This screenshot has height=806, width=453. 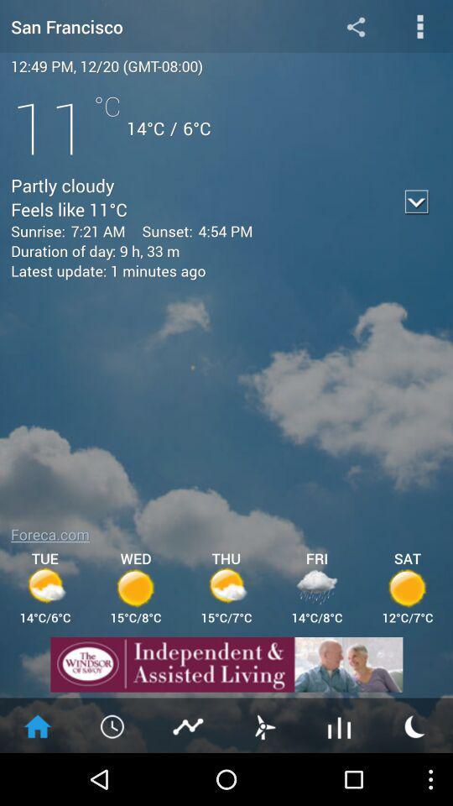 I want to click on share the article, so click(x=355, y=25).